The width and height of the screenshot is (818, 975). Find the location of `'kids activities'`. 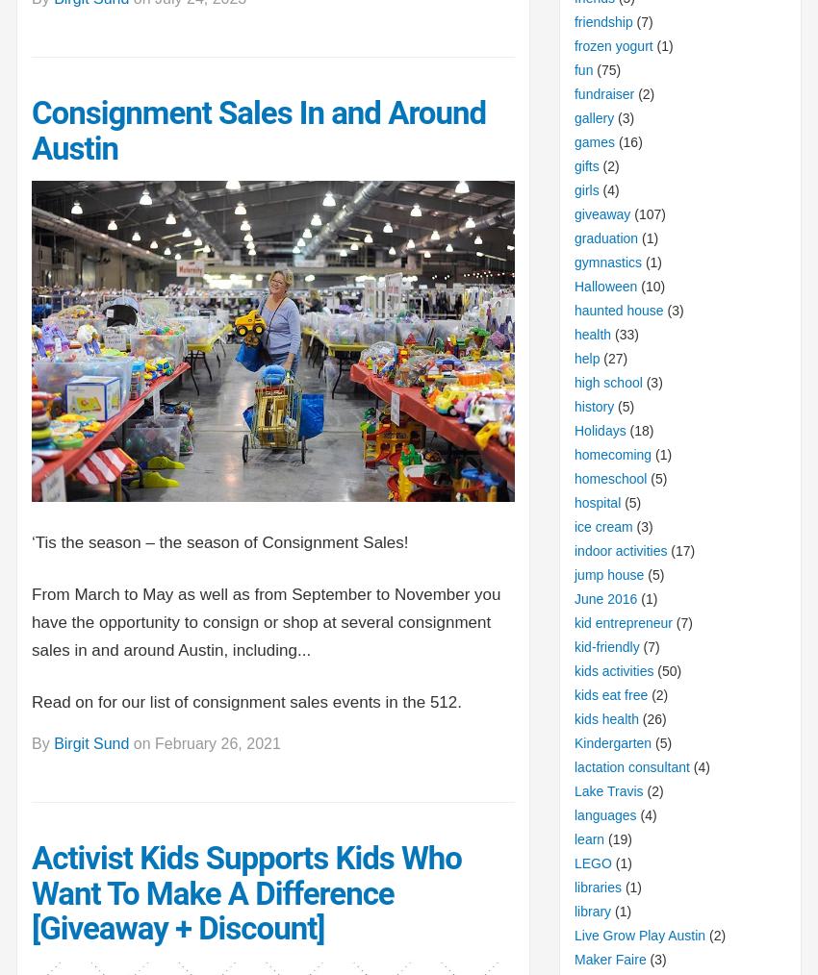

'kids activities' is located at coordinates (612, 669).